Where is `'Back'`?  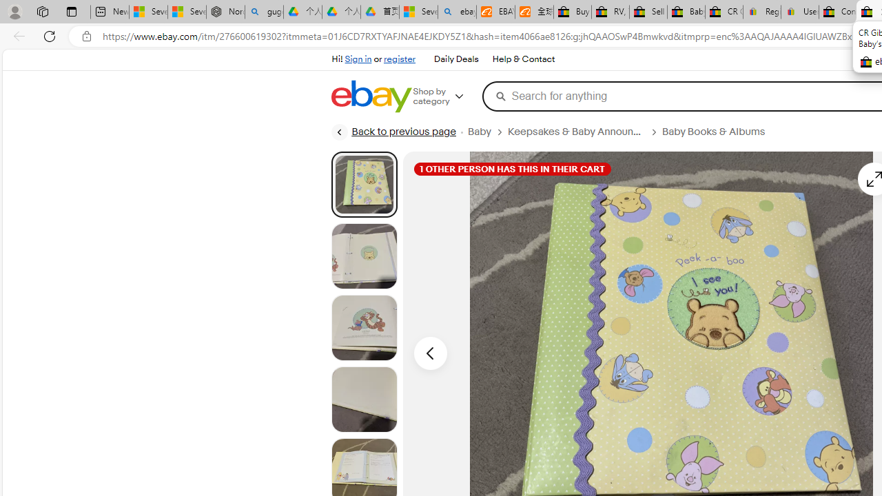 'Back' is located at coordinates (17, 35).